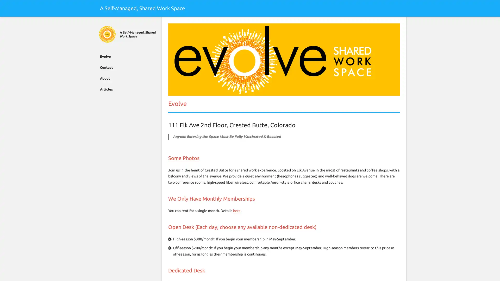 This screenshot has width=500, height=281. What do you see at coordinates (397, 23) in the screenshot?
I see `Search` at bounding box center [397, 23].